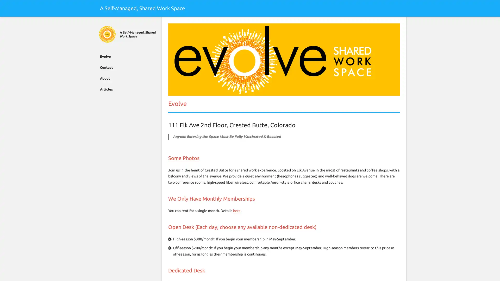 This screenshot has width=500, height=281. What do you see at coordinates (397, 23) in the screenshot?
I see `Search` at bounding box center [397, 23].